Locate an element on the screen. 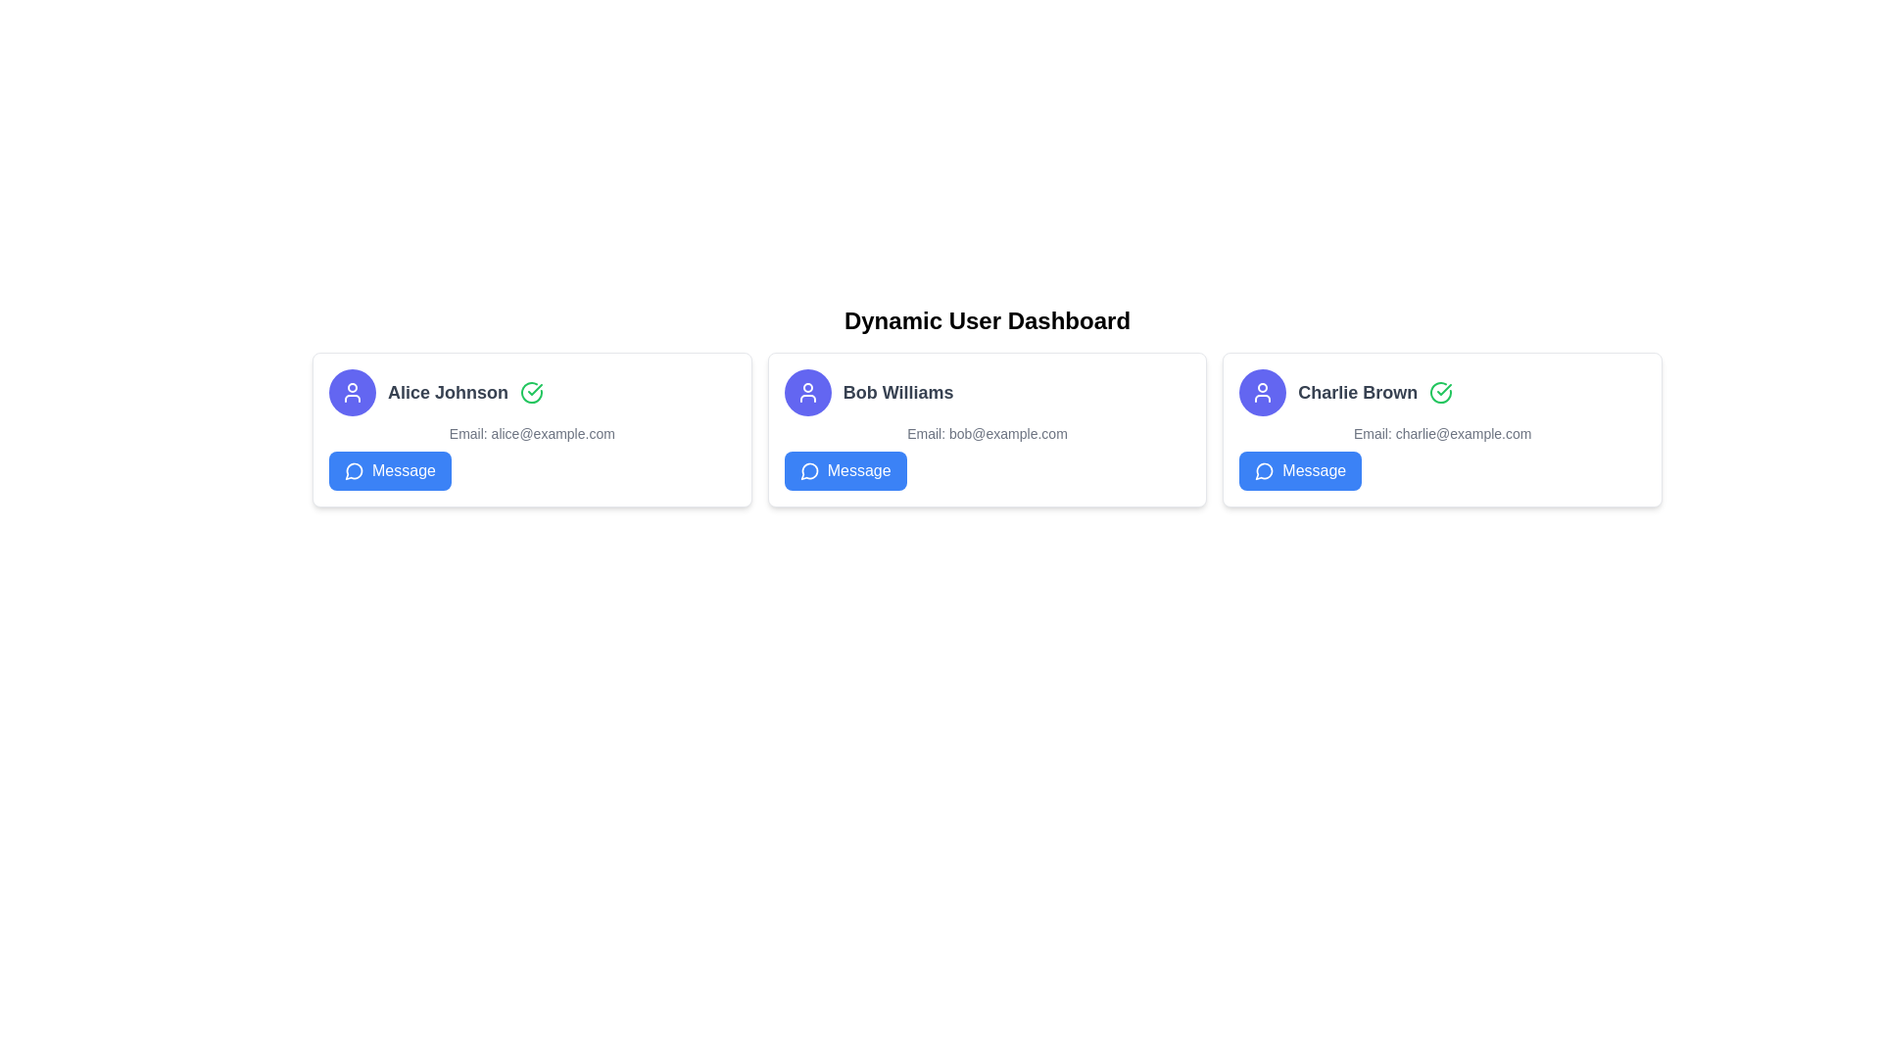 Image resolution: width=1881 pixels, height=1058 pixels. the blue 'Message' button with white text and a chat bubble icon located in Charlie Brown's user card is located at coordinates (1300, 471).